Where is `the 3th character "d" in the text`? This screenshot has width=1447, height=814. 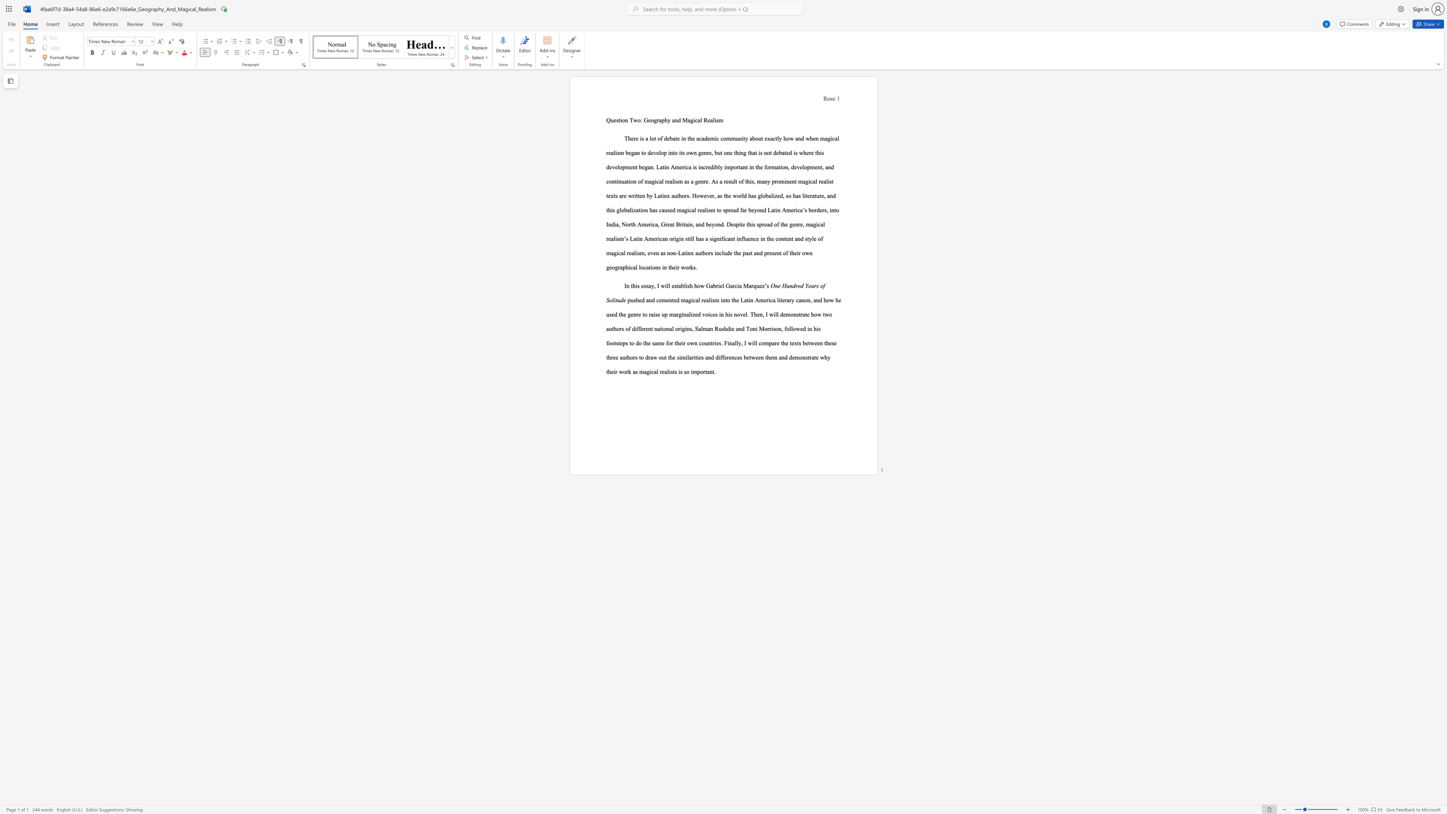
the 3th character "d" in the text is located at coordinates (743, 328).